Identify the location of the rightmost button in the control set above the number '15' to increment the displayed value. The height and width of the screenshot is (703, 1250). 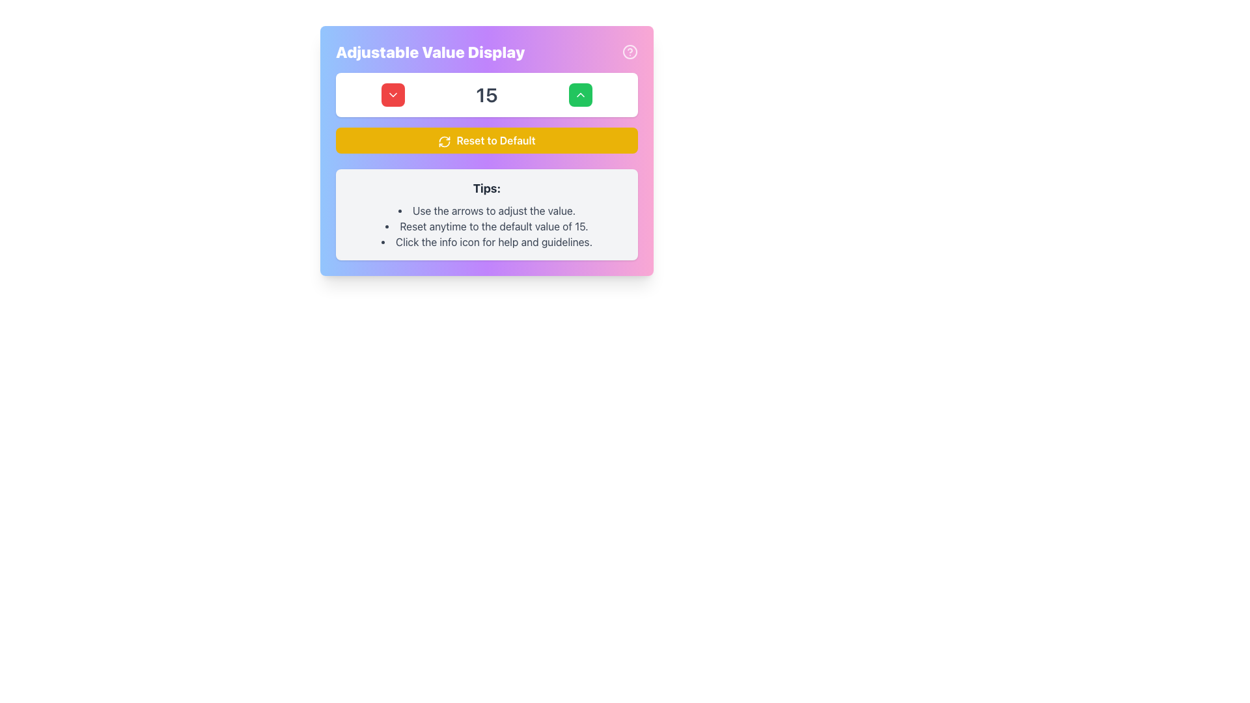
(579, 94).